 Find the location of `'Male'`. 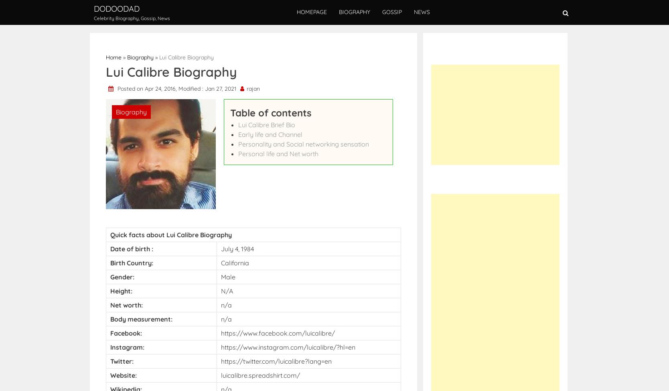

'Male' is located at coordinates (227, 277).